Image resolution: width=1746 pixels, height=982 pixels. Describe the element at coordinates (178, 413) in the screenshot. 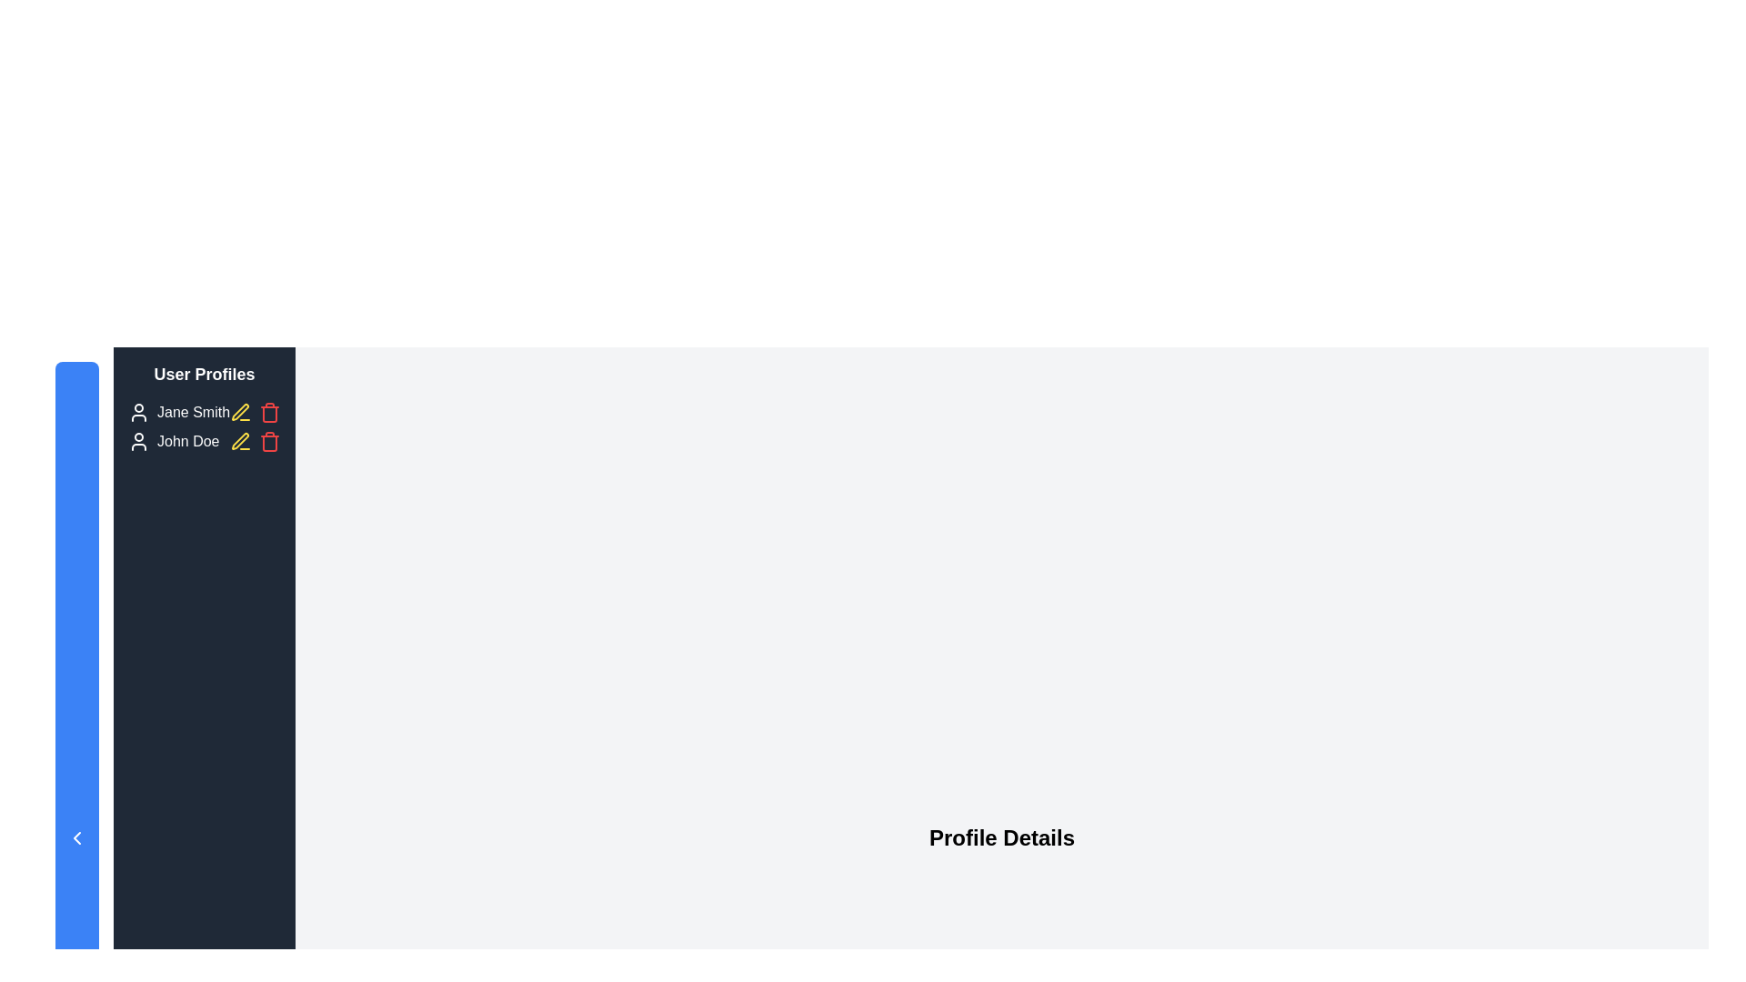

I see `the text label displaying 'Jane Smith'` at that location.